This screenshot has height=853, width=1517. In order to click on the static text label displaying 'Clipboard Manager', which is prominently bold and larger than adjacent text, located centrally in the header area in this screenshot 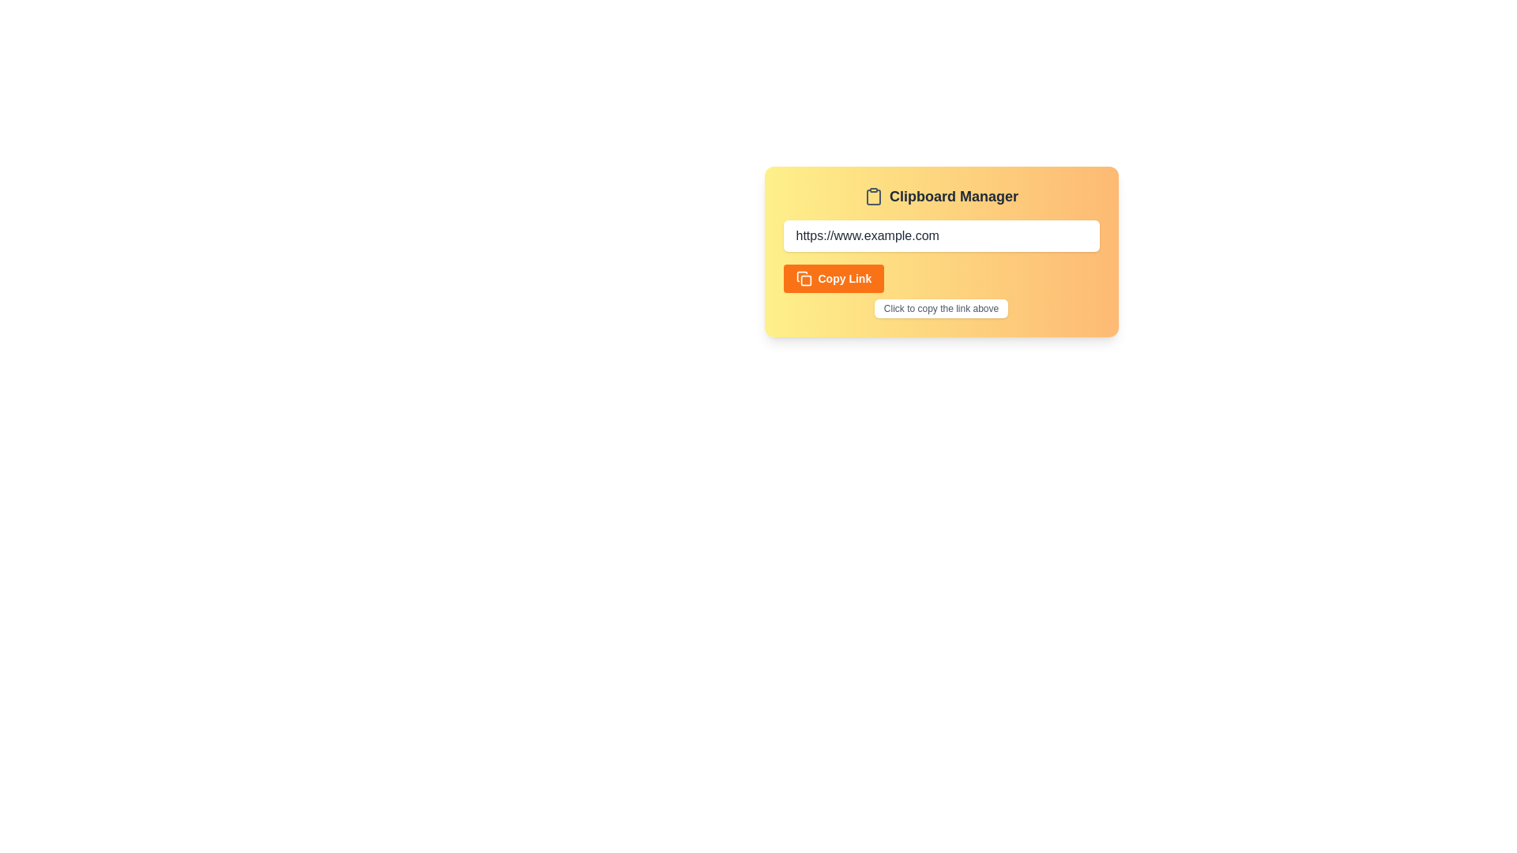, I will do `click(953, 196)`.